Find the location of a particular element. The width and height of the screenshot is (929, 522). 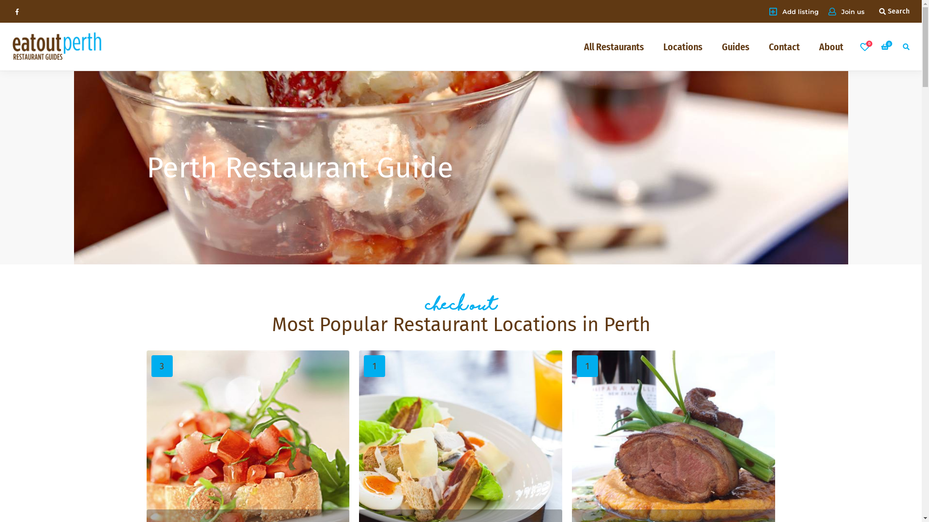

'All Restaurants' is located at coordinates (613, 46).